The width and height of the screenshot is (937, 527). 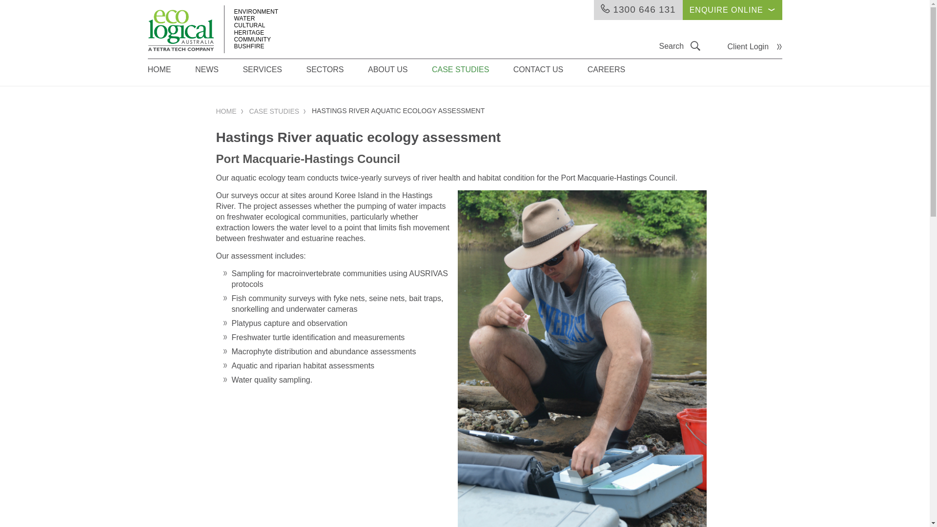 I want to click on 'ENQUIRE ONLINE', so click(x=682, y=10).